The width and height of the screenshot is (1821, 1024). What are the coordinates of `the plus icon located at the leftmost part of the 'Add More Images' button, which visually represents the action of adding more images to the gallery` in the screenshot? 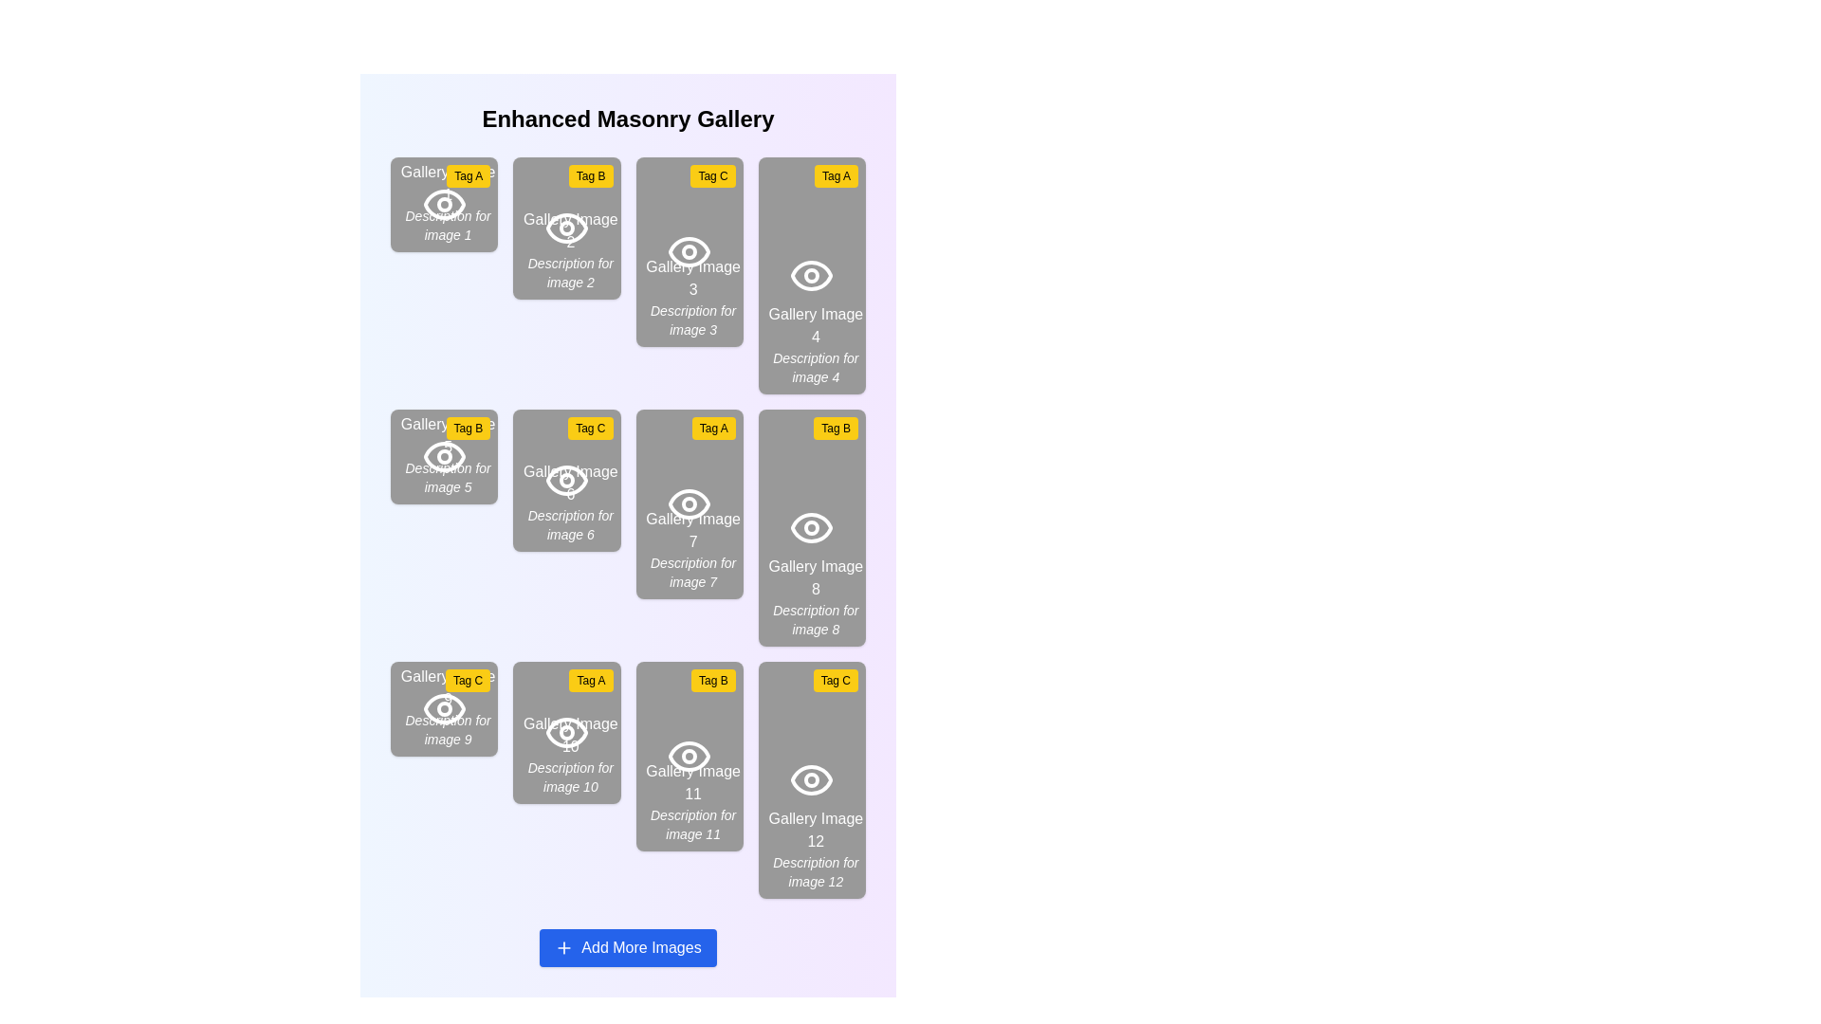 It's located at (563, 947).